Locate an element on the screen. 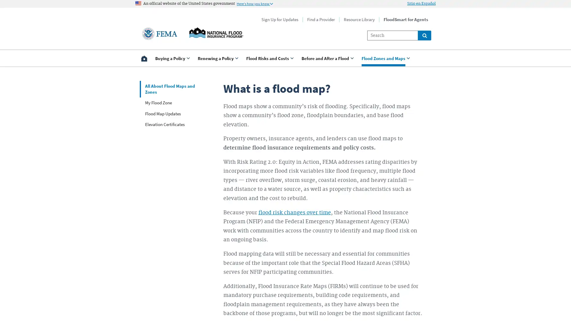 This screenshot has width=571, height=321. Global search for site links and content throught floodsmart is located at coordinates (424, 35).